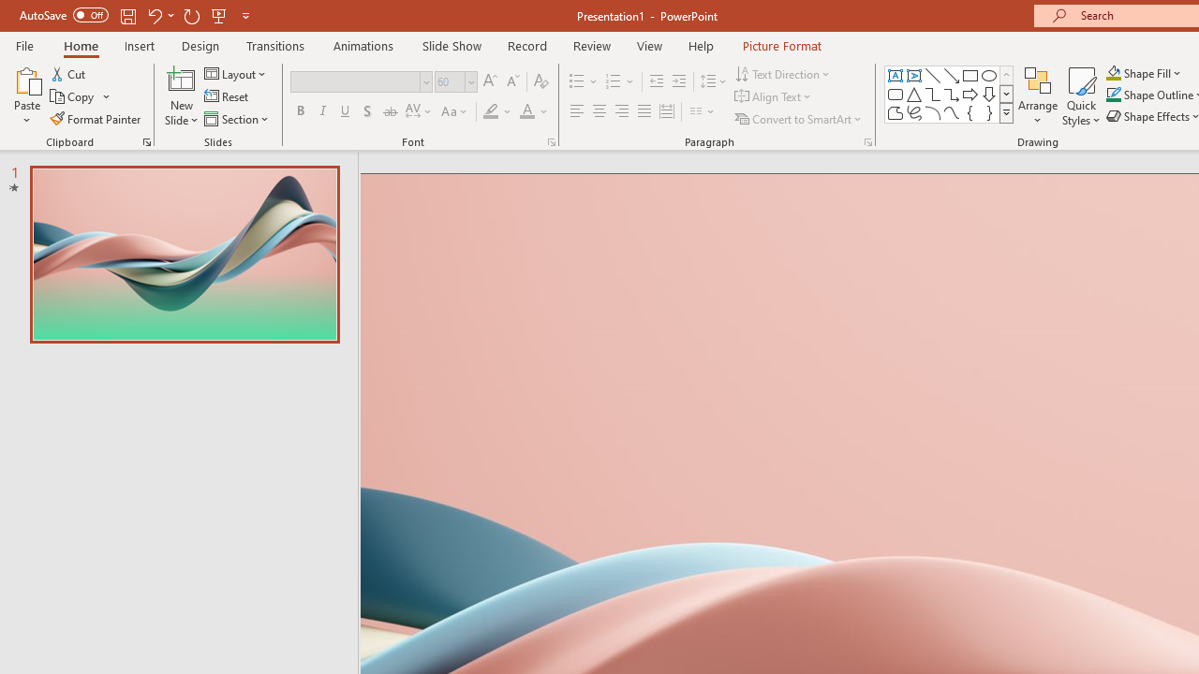 The height and width of the screenshot is (674, 1199). I want to click on 'Center', so click(599, 111).